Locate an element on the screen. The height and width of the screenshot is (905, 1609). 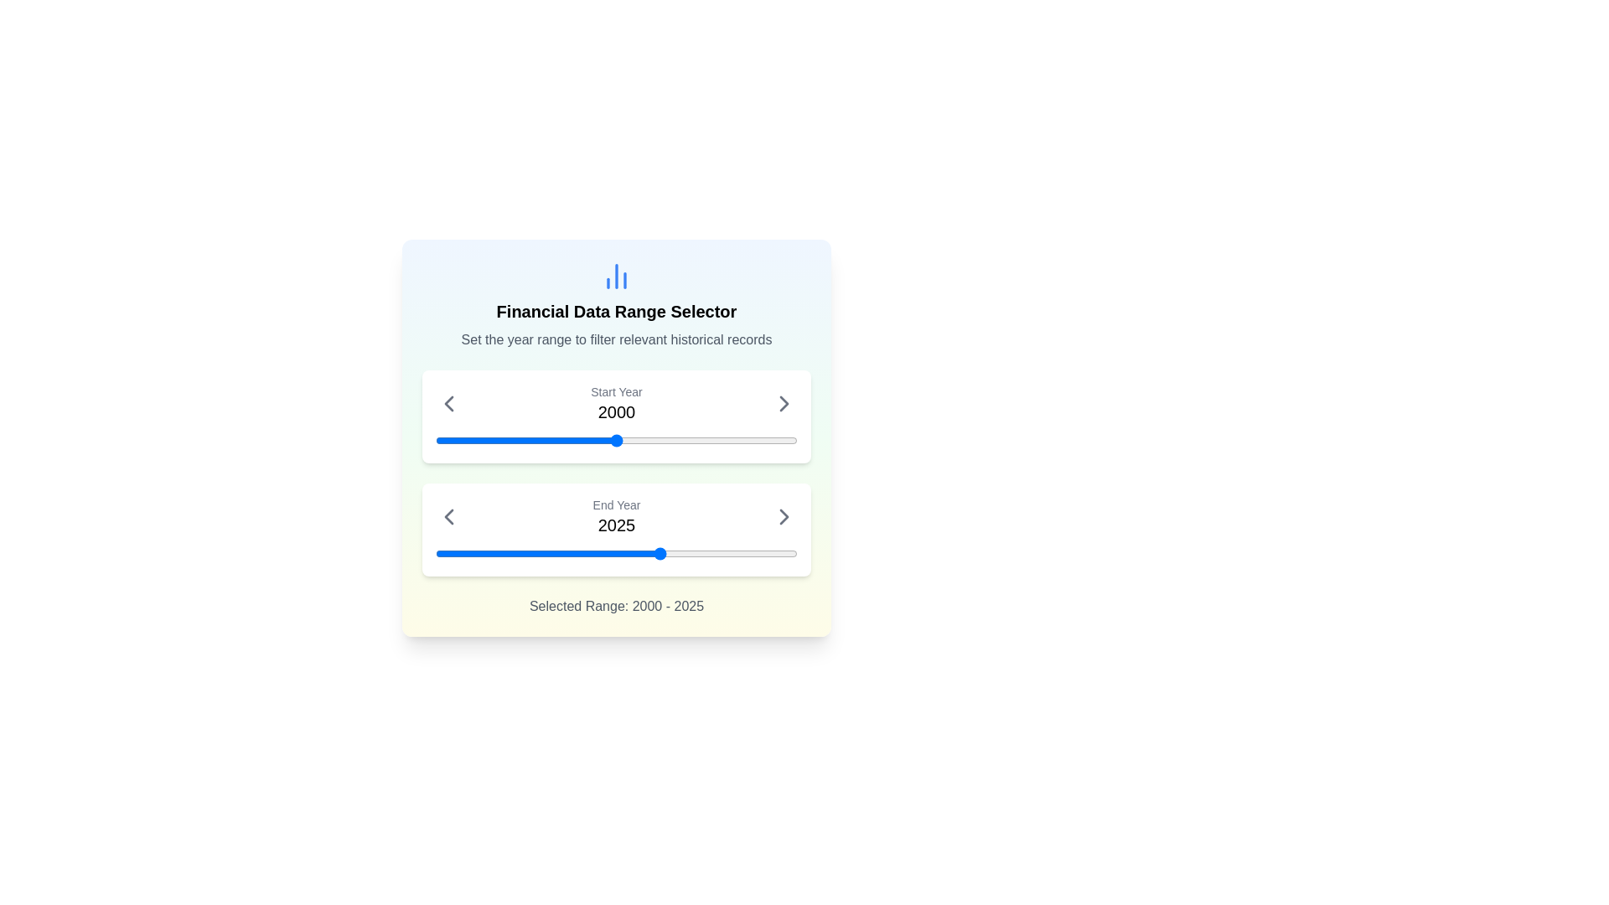
the start year is located at coordinates (575, 439).